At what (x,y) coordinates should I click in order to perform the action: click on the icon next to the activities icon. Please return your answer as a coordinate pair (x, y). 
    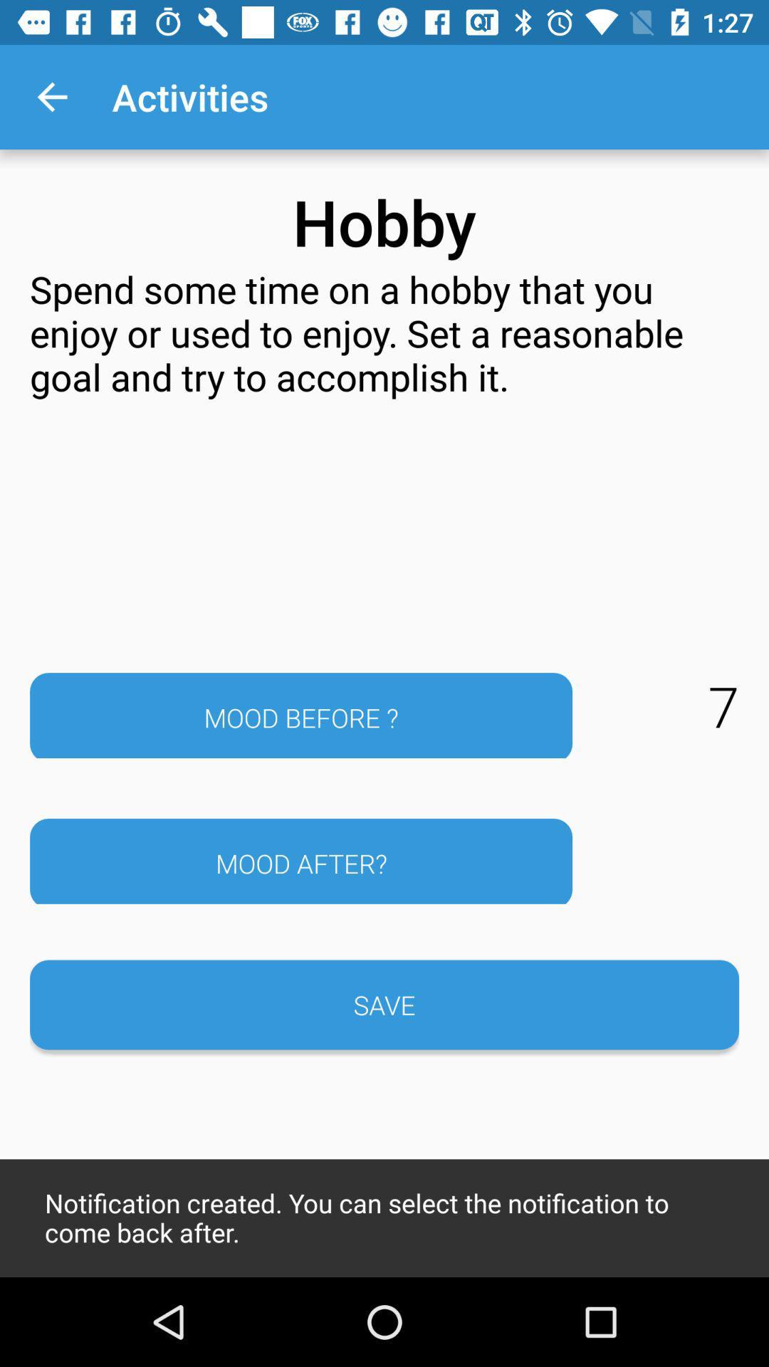
    Looking at the image, I should click on (51, 96).